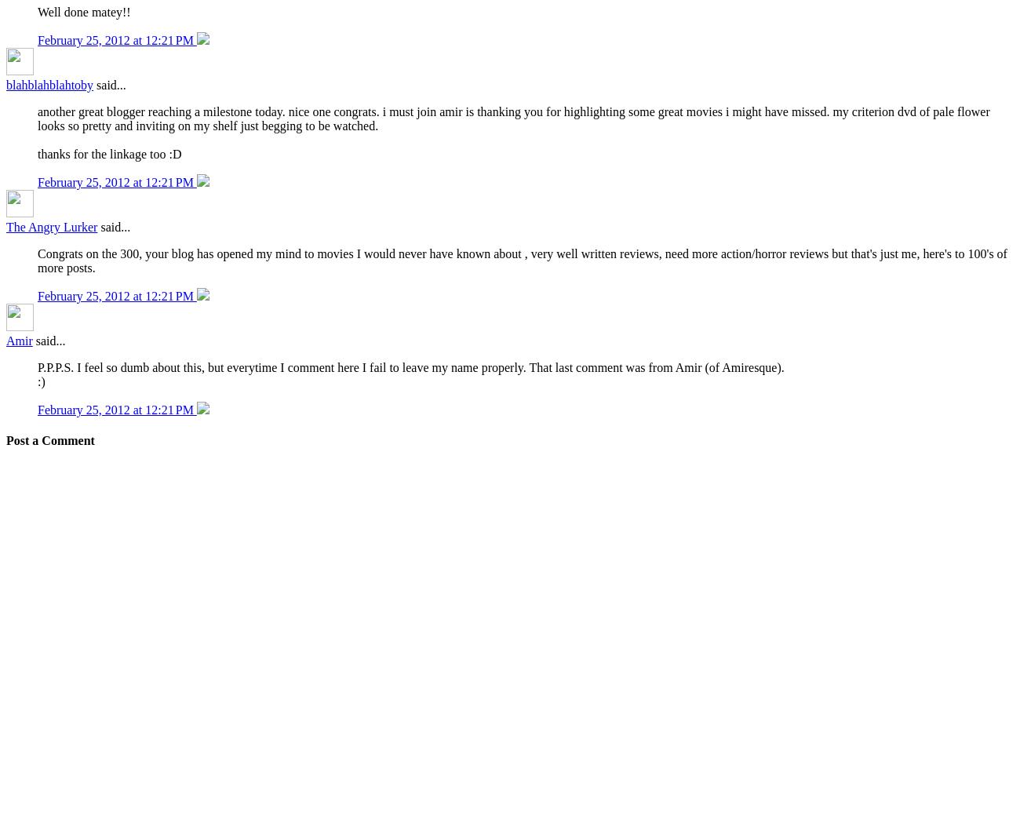 This screenshot has width=1020, height=820. Describe the element at coordinates (512, 118) in the screenshot. I see `'another great blogger reaching a milestone today. nice one congrats. i must join amir is thanking you for highlighting some great movies i might have missed. my criterion dvd of pale flower looks so pretty and inviting on my shelf just begging to be watched.'` at that location.